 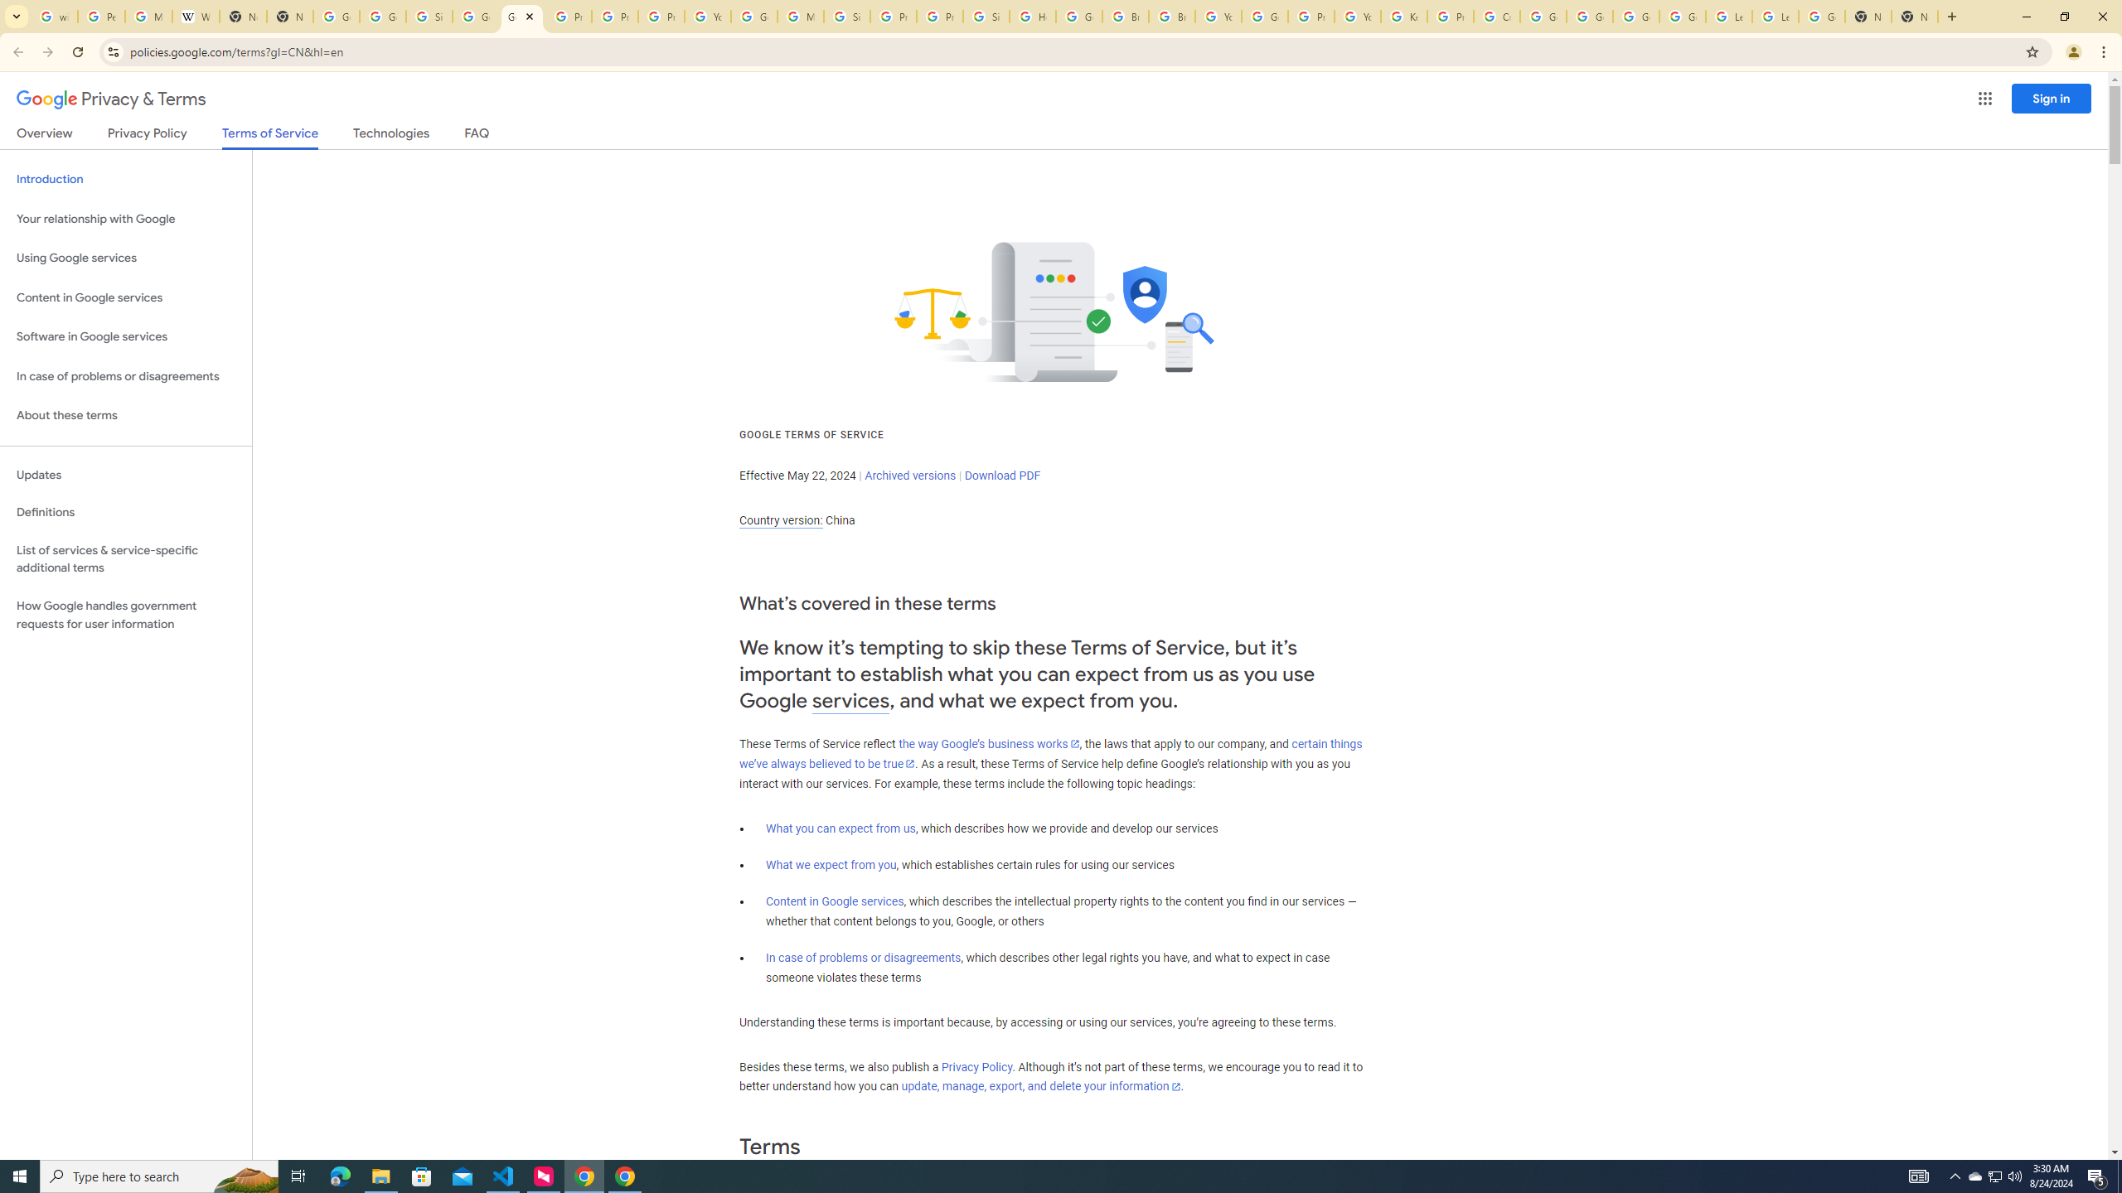 I want to click on 'In case of problems or disagreements', so click(x=862, y=958).